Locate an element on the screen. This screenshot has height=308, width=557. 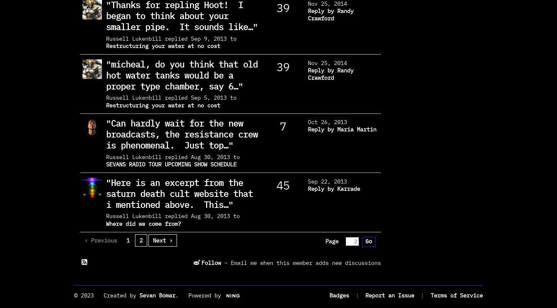
'Russell Lukenbill replied Sep 5, 2013 to' is located at coordinates (171, 97).